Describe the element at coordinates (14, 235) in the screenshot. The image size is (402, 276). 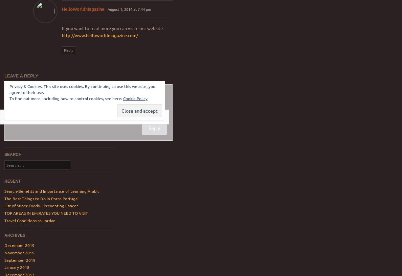
I see `'Archives'` at that location.